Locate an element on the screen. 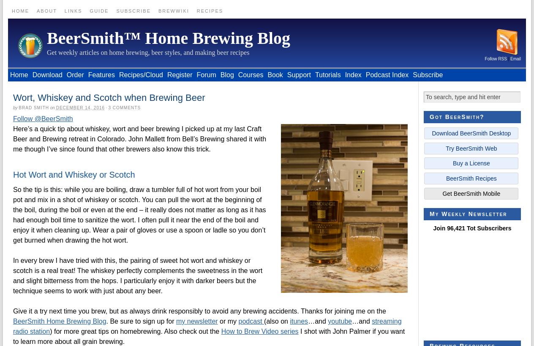 This screenshot has width=534, height=346. '(also on' is located at coordinates (276, 321).